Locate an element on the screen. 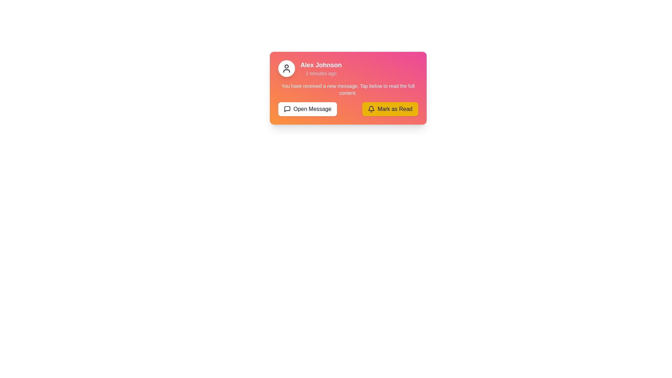  the 'Mark as Read' button surrounding the bell icon is located at coordinates (371, 108).